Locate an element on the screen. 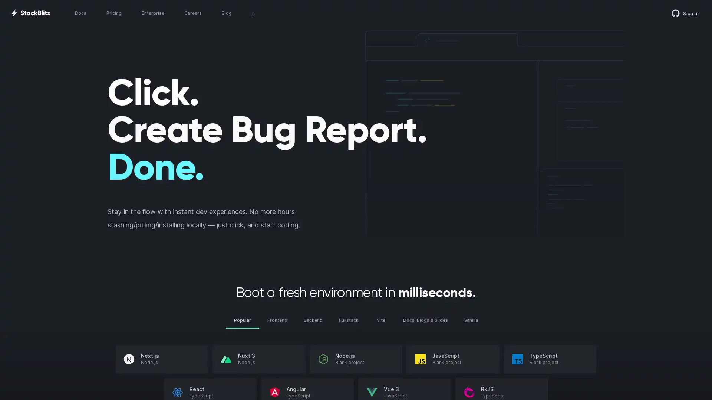  Popular is located at coordinates (242, 320).